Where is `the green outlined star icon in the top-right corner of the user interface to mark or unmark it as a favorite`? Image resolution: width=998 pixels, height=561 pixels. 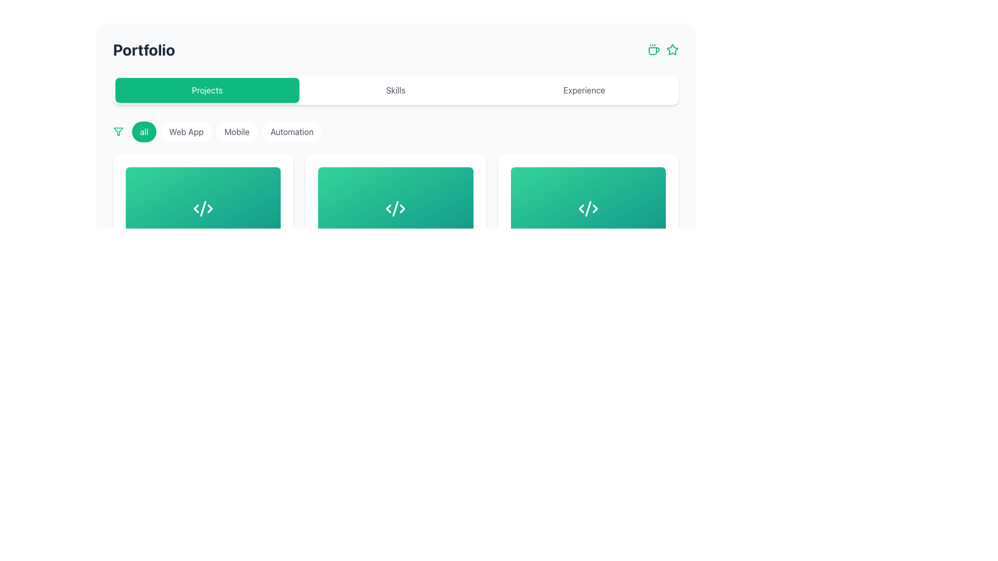
the green outlined star icon in the top-right corner of the user interface to mark or unmark it as a favorite is located at coordinates (672, 50).